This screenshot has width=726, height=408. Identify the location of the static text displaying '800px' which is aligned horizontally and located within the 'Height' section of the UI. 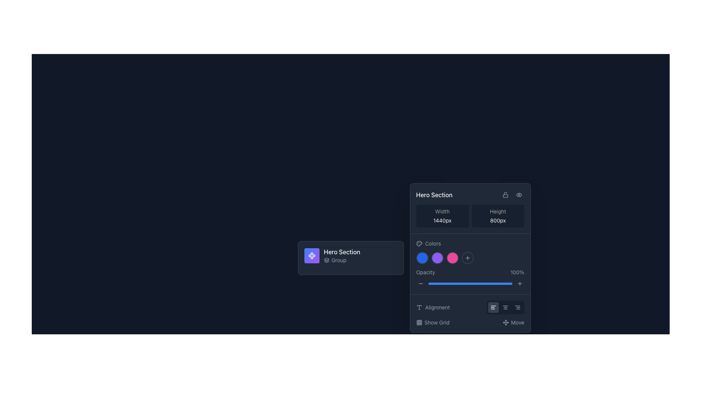
(498, 220).